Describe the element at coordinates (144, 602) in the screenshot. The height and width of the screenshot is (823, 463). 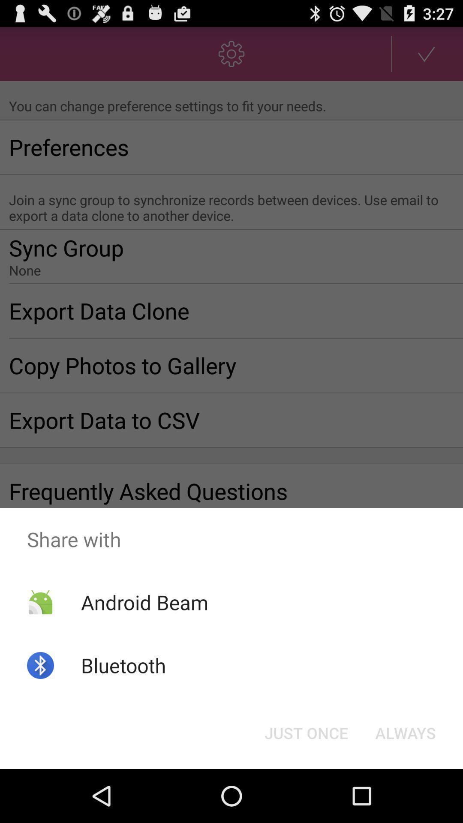
I see `the android beam` at that location.